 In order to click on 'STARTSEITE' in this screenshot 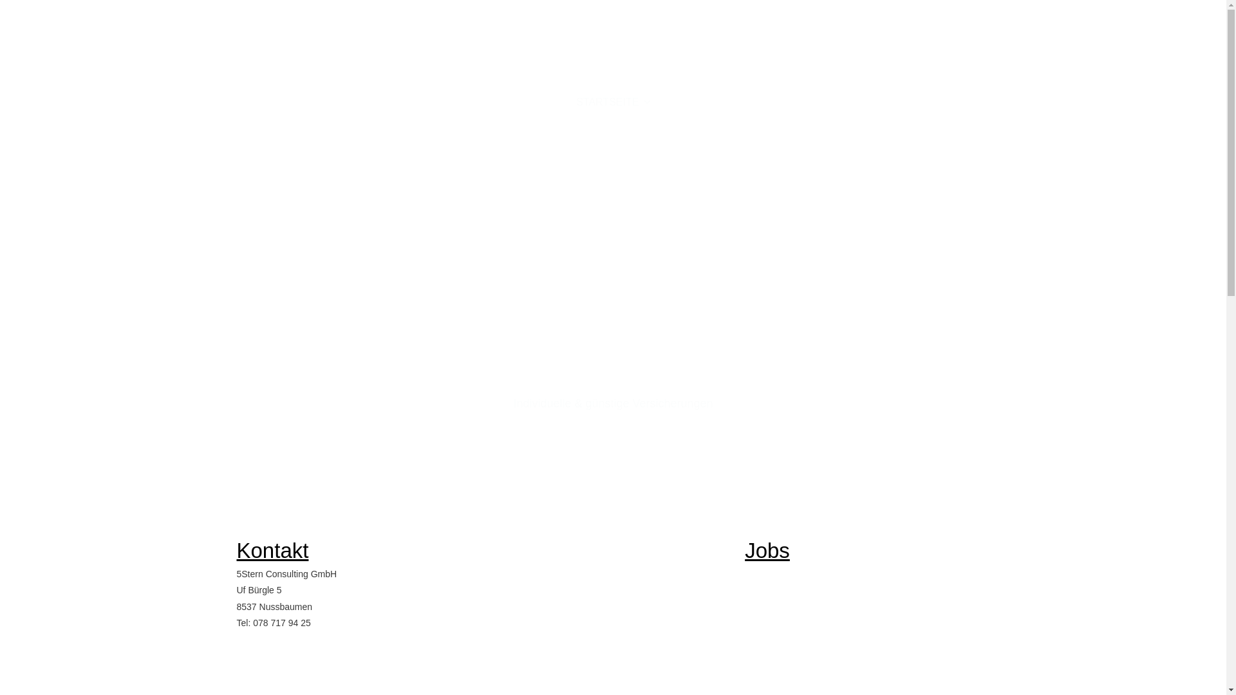, I will do `click(612, 101)`.